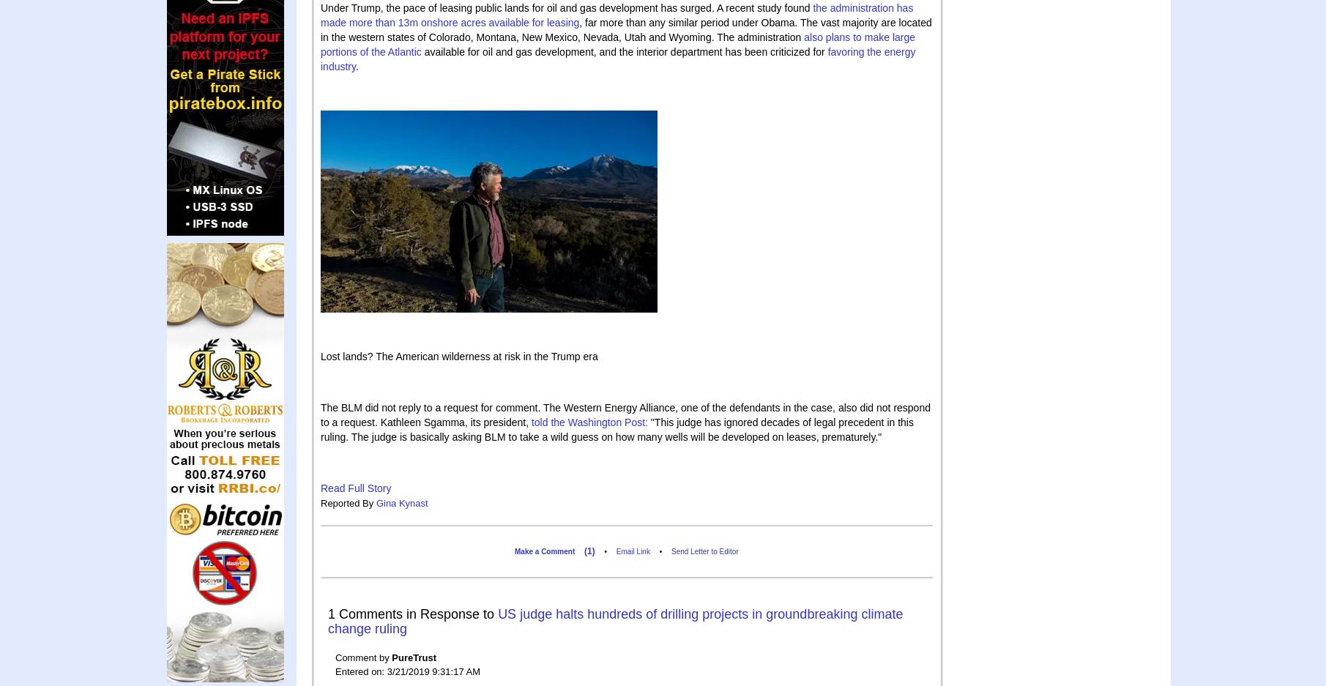  I want to click on 'also plans to make large portions of the Atlantic', so click(617, 43).